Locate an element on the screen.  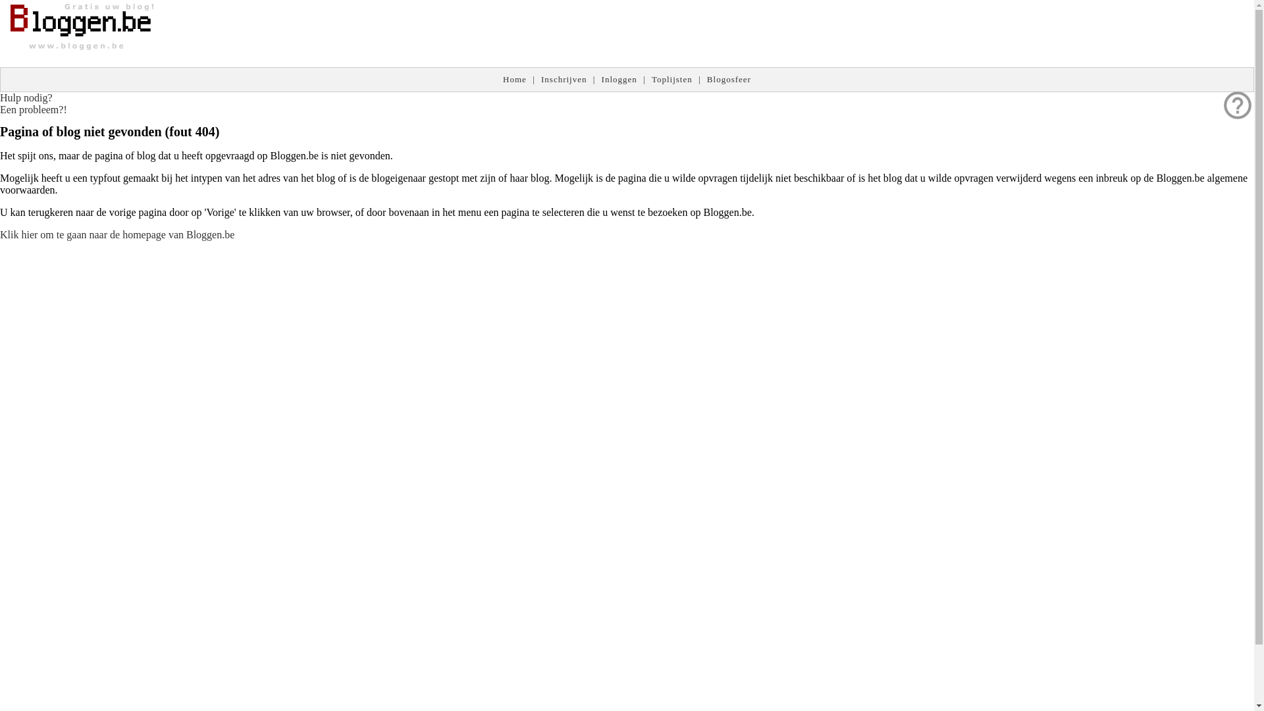
'Inloggen' is located at coordinates (600, 79).